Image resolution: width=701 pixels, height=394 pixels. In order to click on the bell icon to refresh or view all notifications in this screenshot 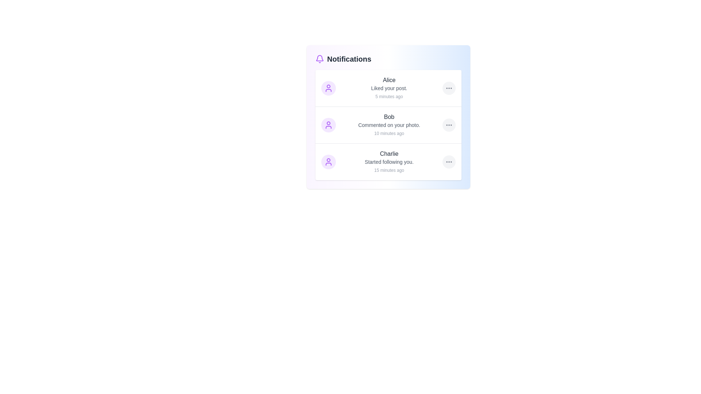, I will do `click(319, 59)`.